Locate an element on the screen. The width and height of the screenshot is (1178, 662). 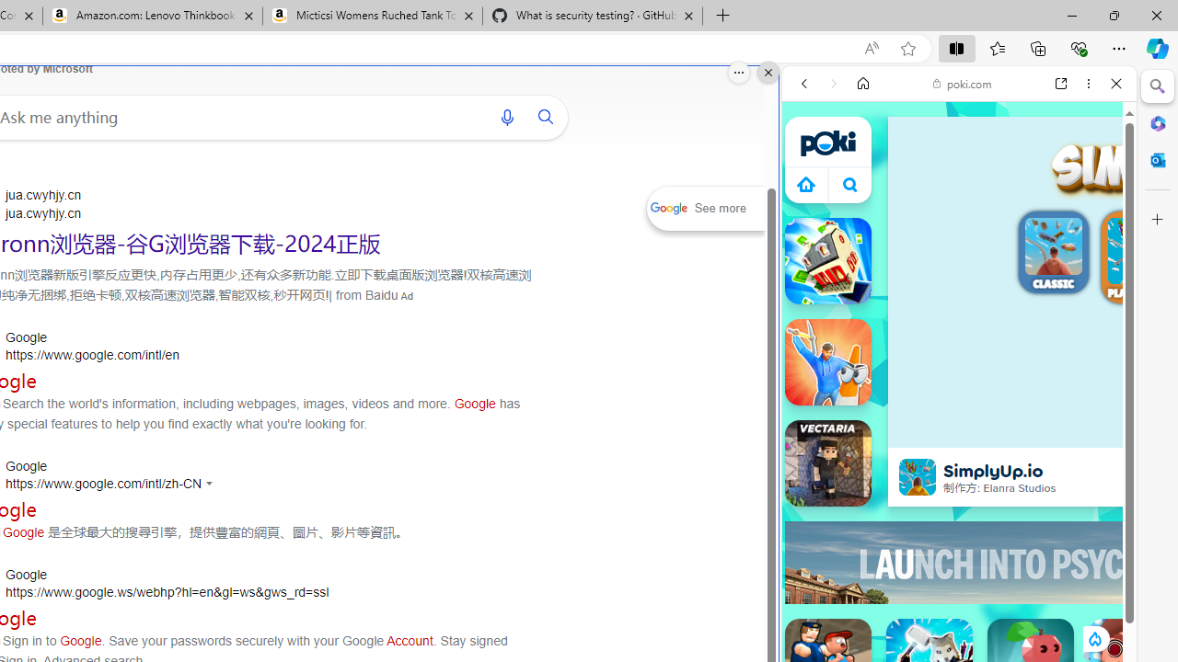
'Vectaria.io Vectaria.io' is located at coordinates (826, 462).